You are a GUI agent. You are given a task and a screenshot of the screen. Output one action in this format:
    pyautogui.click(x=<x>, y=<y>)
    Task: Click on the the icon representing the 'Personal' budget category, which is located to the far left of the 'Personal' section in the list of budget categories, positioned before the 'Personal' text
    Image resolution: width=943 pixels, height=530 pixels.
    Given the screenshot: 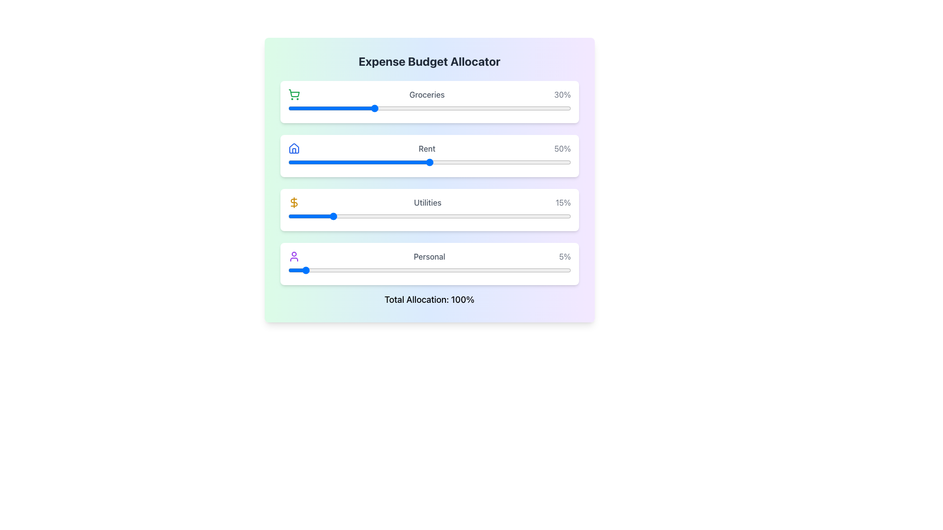 What is the action you would take?
    pyautogui.click(x=293, y=256)
    